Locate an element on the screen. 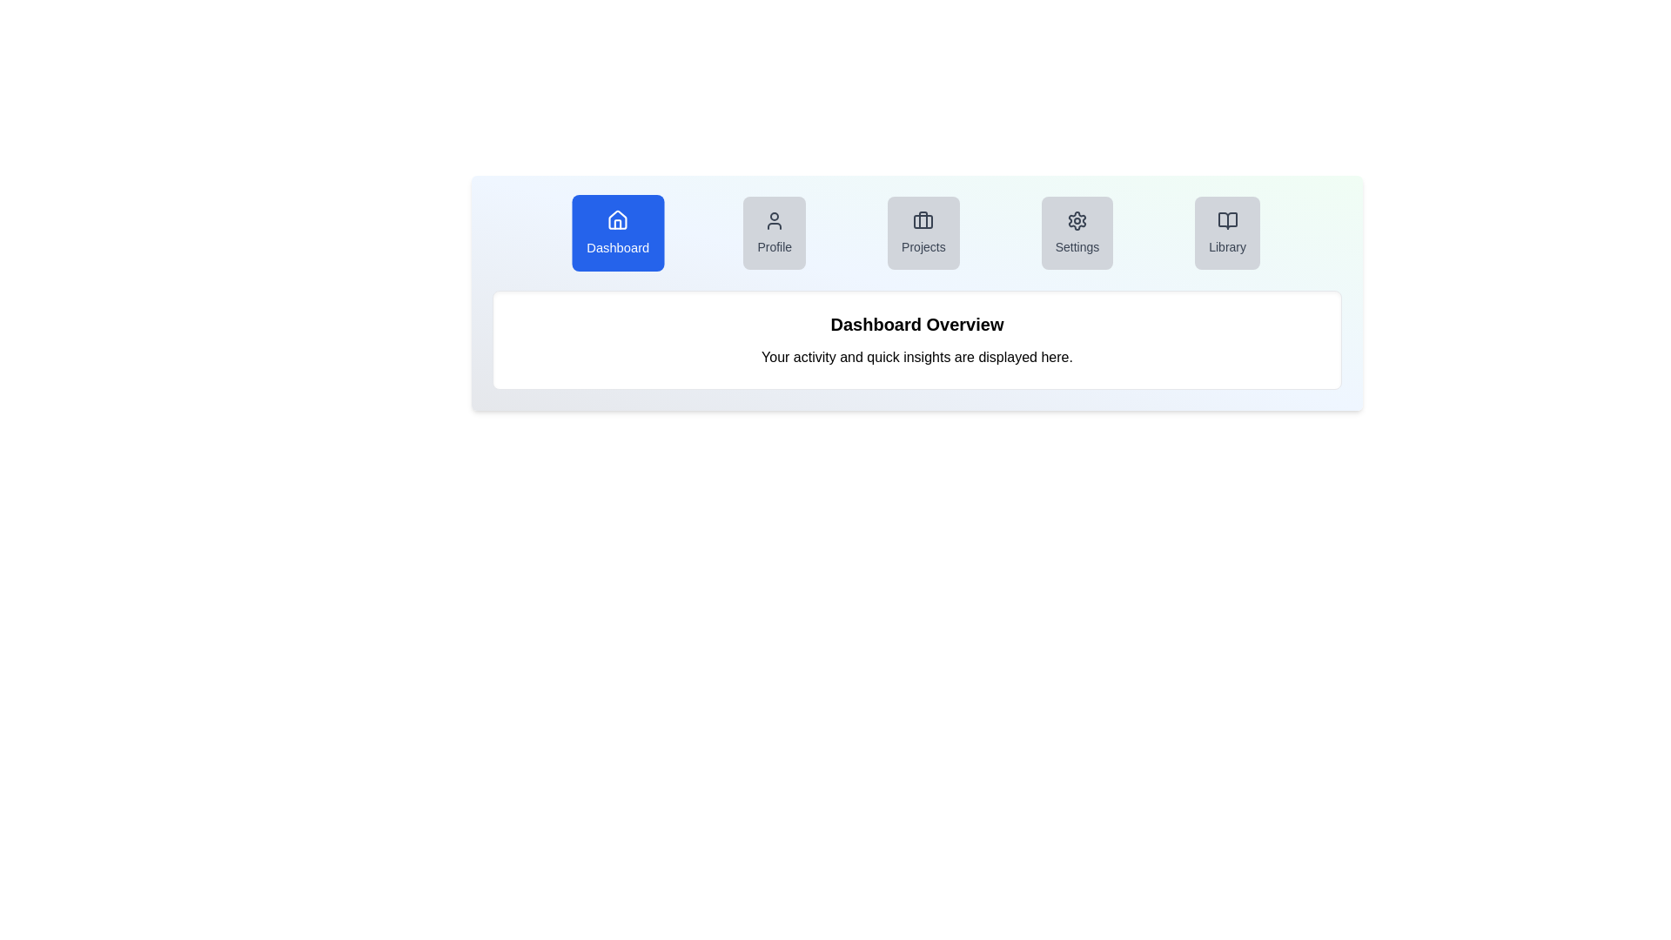 This screenshot has height=940, width=1671. the 'Projects' navigation button located in the horizontal menu is located at coordinates (923, 232).